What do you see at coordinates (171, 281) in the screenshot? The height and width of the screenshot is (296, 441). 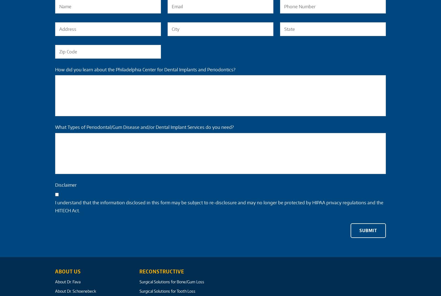 I see `'Surgical Solutions for Bone/Gum Loss'` at bounding box center [171, 281].